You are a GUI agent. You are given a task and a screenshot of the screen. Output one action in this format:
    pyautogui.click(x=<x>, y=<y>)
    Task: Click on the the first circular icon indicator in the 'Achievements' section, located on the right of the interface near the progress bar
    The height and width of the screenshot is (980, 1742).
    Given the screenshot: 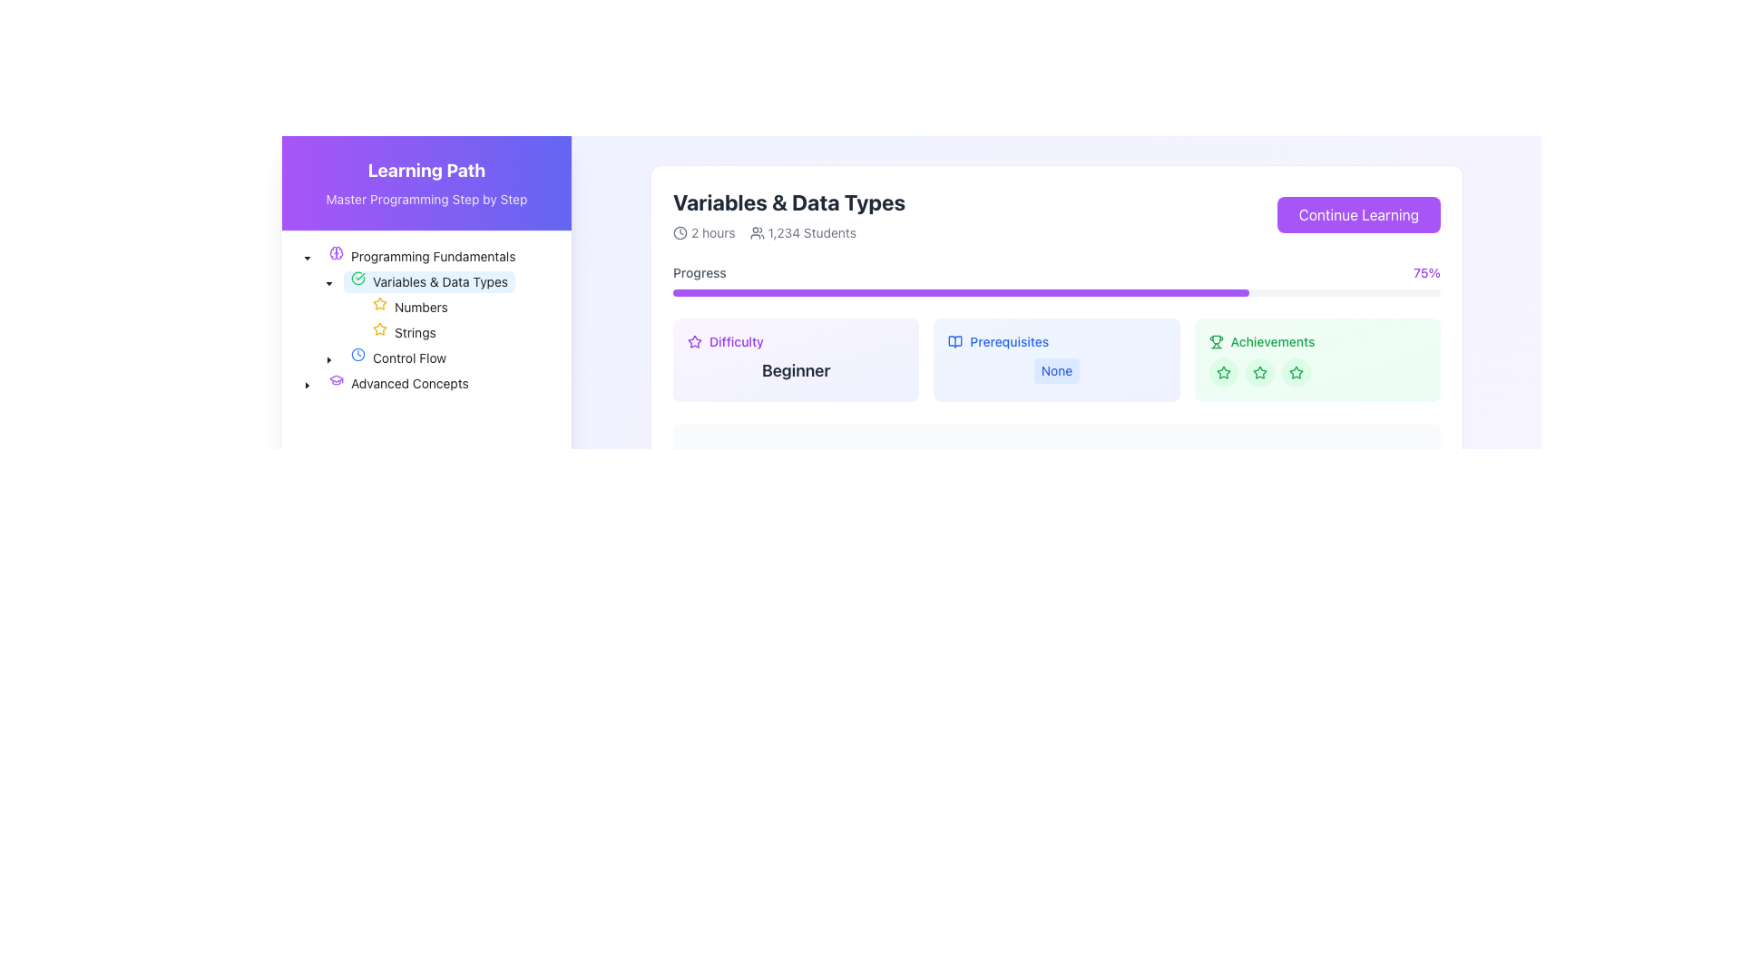 What is the action you would take?
    pyautogui.click(x=1223, y=372)
    